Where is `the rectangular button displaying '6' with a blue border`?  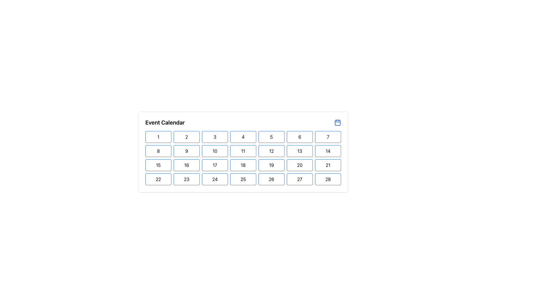 the rectangular button displaying '6' with a blue border is located at coordinates (299, 137).